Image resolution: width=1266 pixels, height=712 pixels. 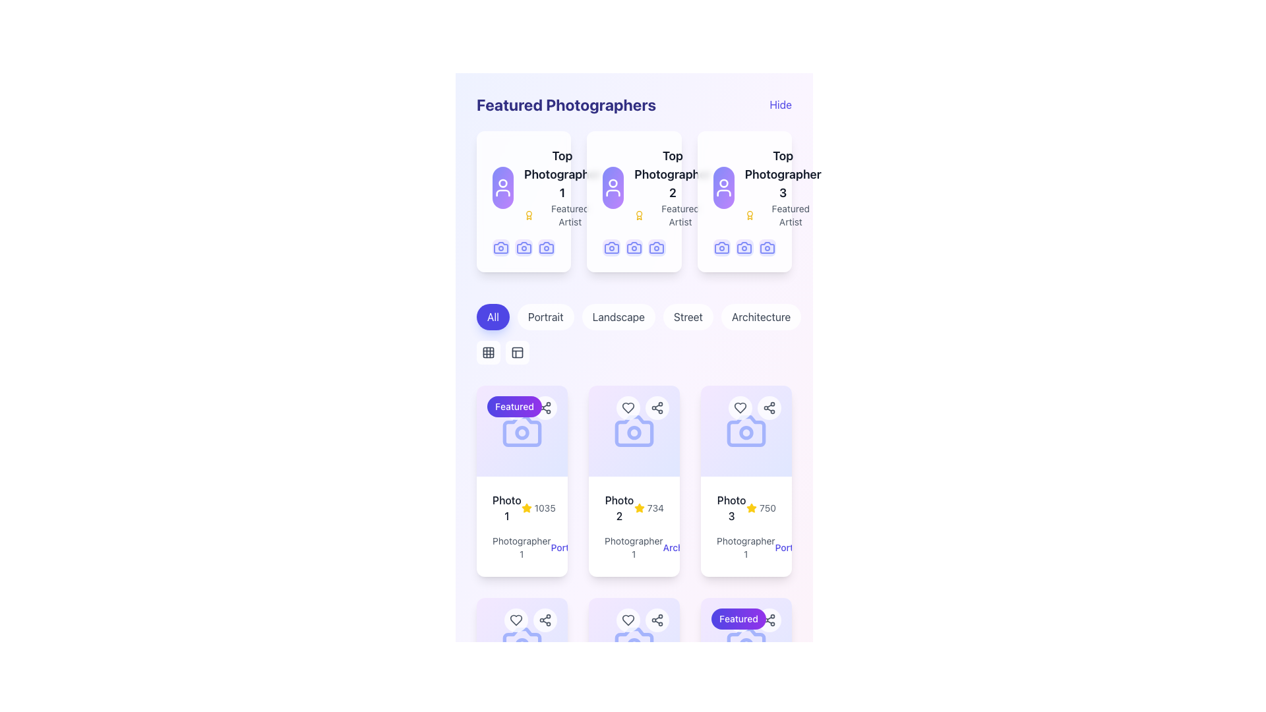 I want to click on the purple camera icon in the second position of the bottom row within the first card of the 'Featured Photographers' section, so click(x=547, y=248).